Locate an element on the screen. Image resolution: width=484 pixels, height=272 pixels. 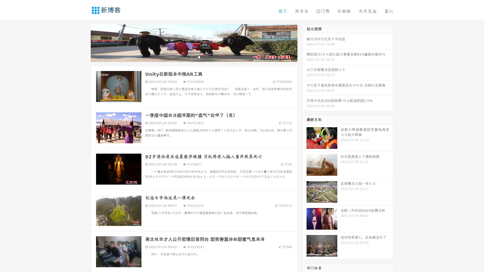
Go to slide 2 is located at coordinates (194, 57).